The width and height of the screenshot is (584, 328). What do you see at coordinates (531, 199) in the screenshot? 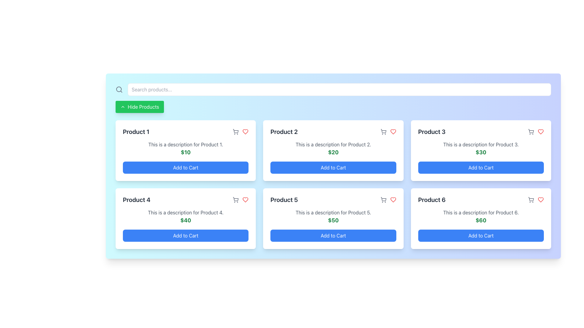
I see `the shopping cart icon located in the top-right side of the card for Product 6` at bounding box center [531, 199].